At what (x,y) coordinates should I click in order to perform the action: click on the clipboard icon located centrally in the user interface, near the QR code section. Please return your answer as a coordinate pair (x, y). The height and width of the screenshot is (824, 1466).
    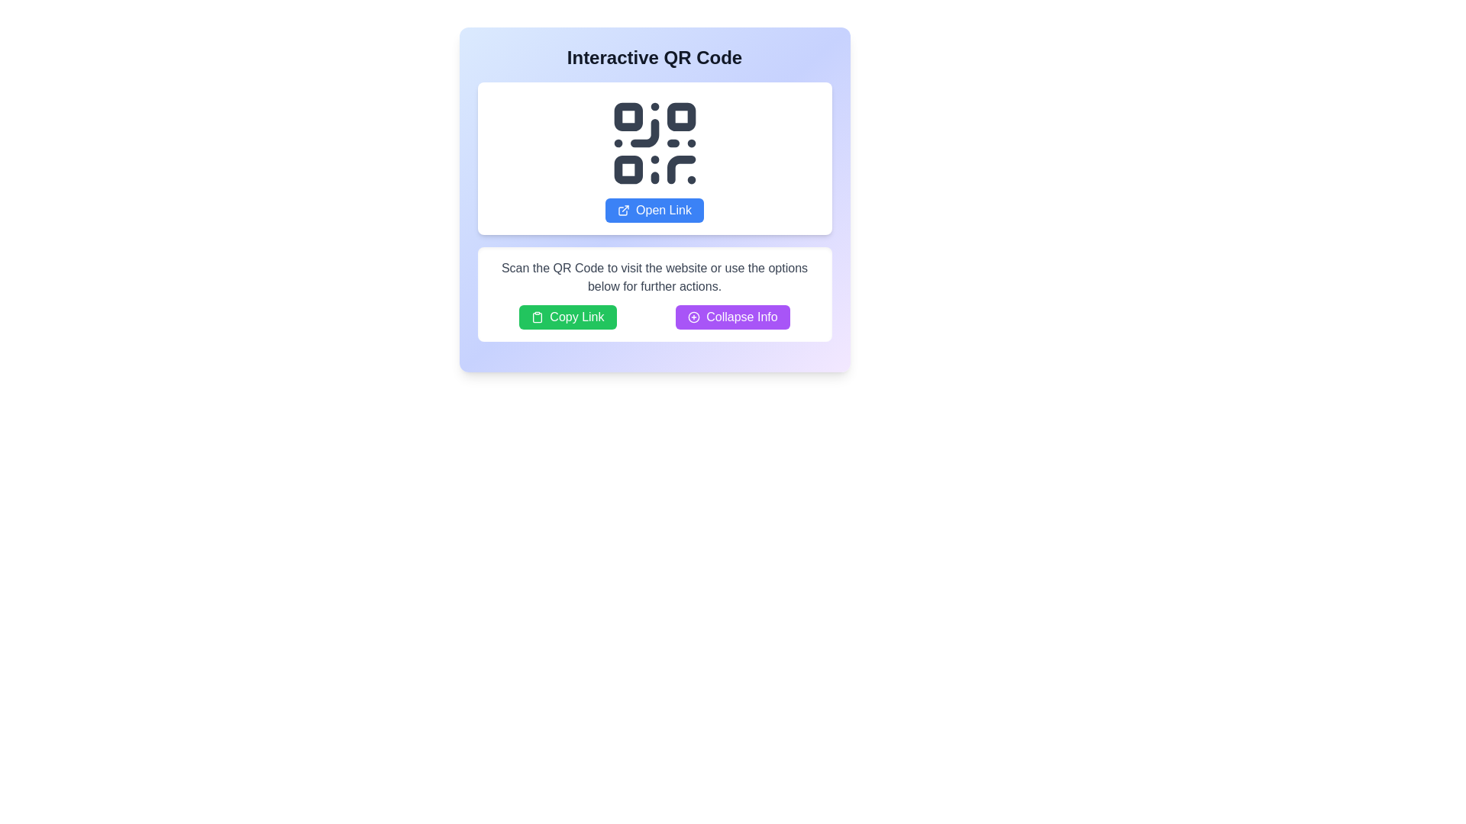
    Looking at the image, I should click on (538, 317).